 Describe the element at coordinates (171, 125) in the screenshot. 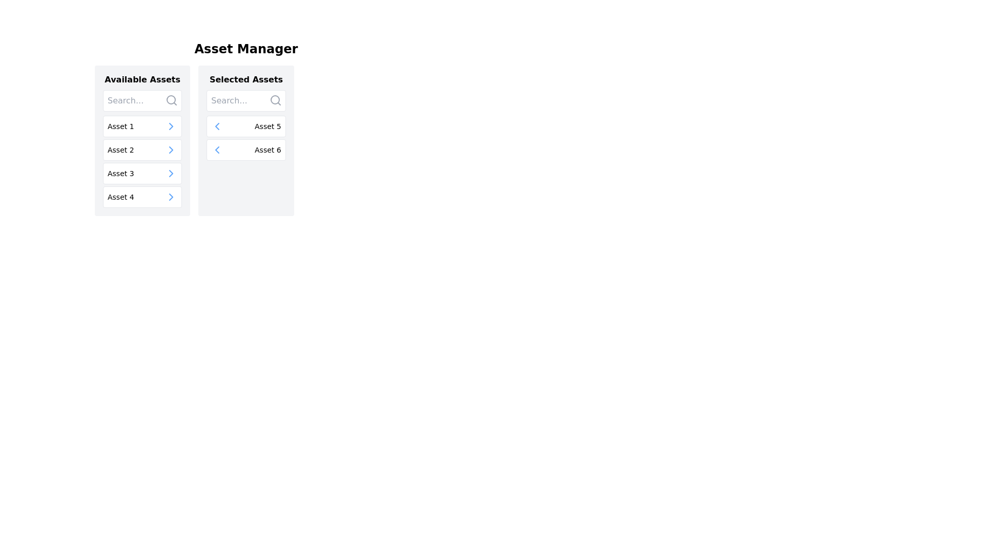

I see `the right-facing chevron icon, styled in blue, located at the right end of the 'Asset 1' item in the 'Available Assets' list` at that location.